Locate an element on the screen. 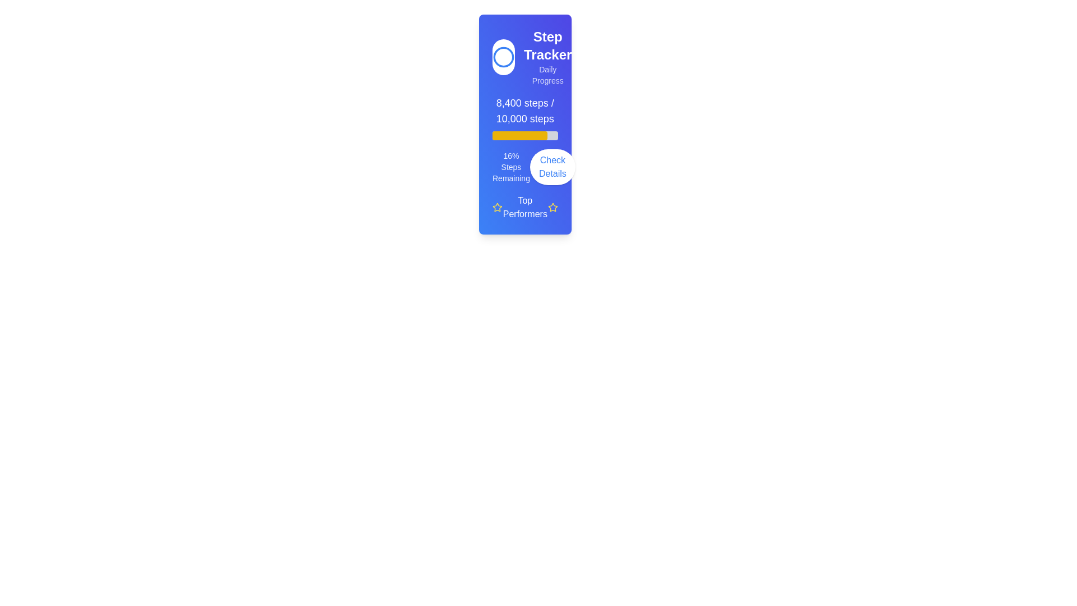 The image size is (1077, 606). the 'Top Performers' label with star icons, which is located at the bottom section of the card component displaying step tracking information is located at coordinates (524, 208).